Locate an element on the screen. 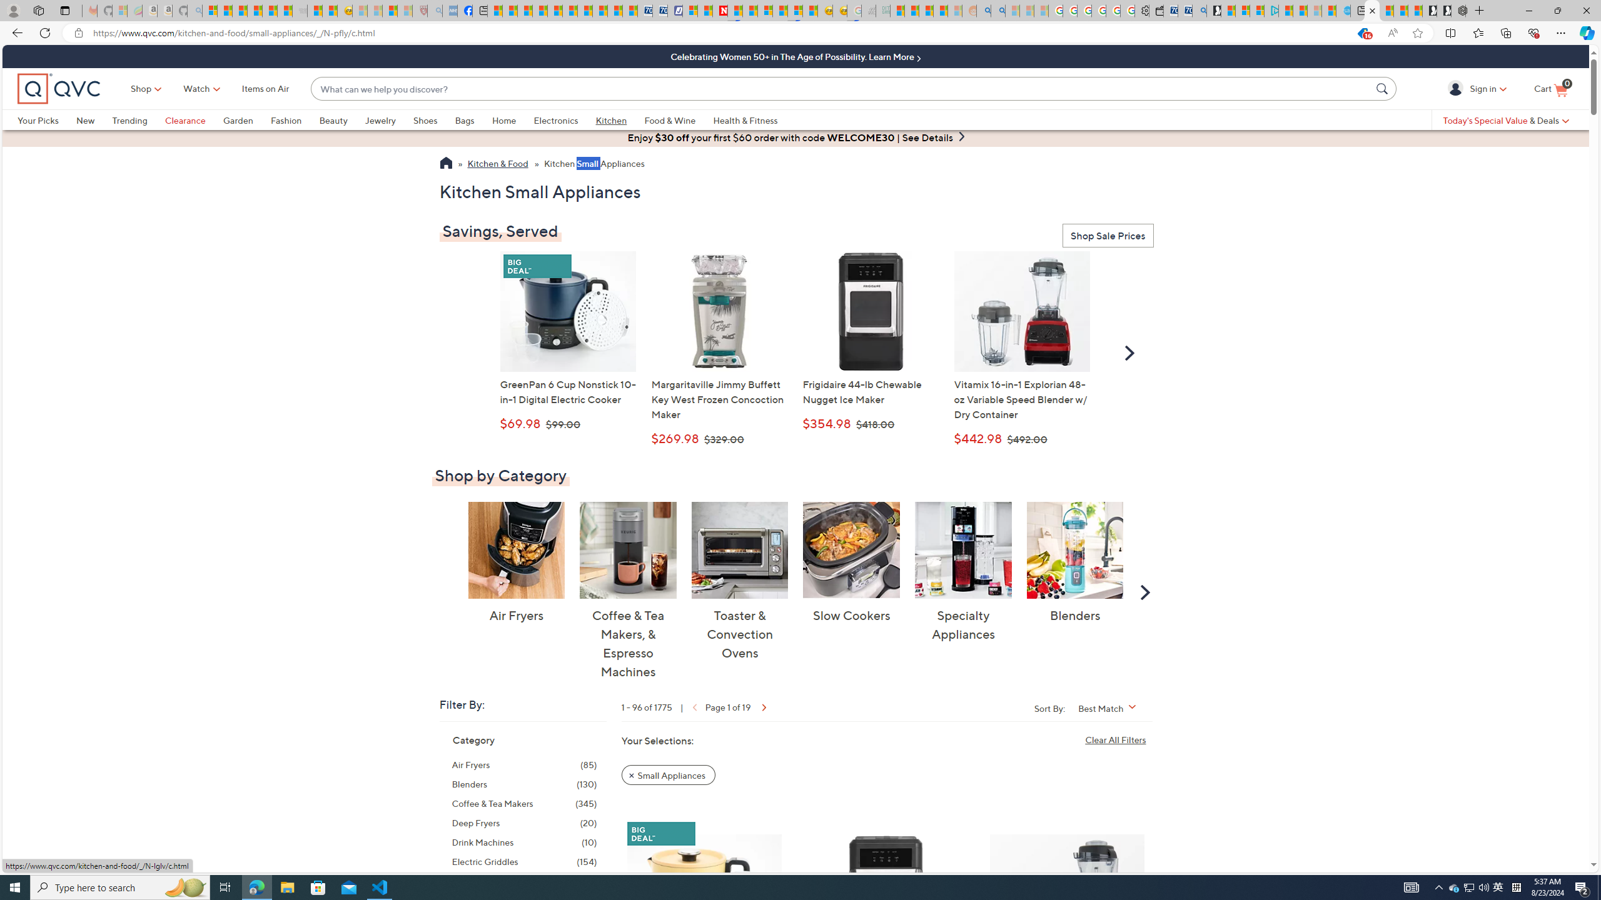 This screenshot has width=1601, height=900. 'Food & Wine' is located at coordinates (670, 119).